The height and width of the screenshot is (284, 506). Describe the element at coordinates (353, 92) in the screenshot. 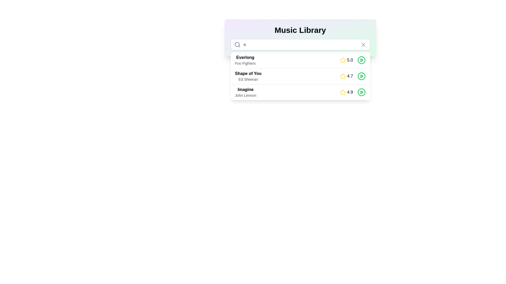

I see `the Rating indicator displaying a rating of 4.9 for the song 'Imagine' located in the third row of the 'Music Library' interface, to the right of the song details` at that location.